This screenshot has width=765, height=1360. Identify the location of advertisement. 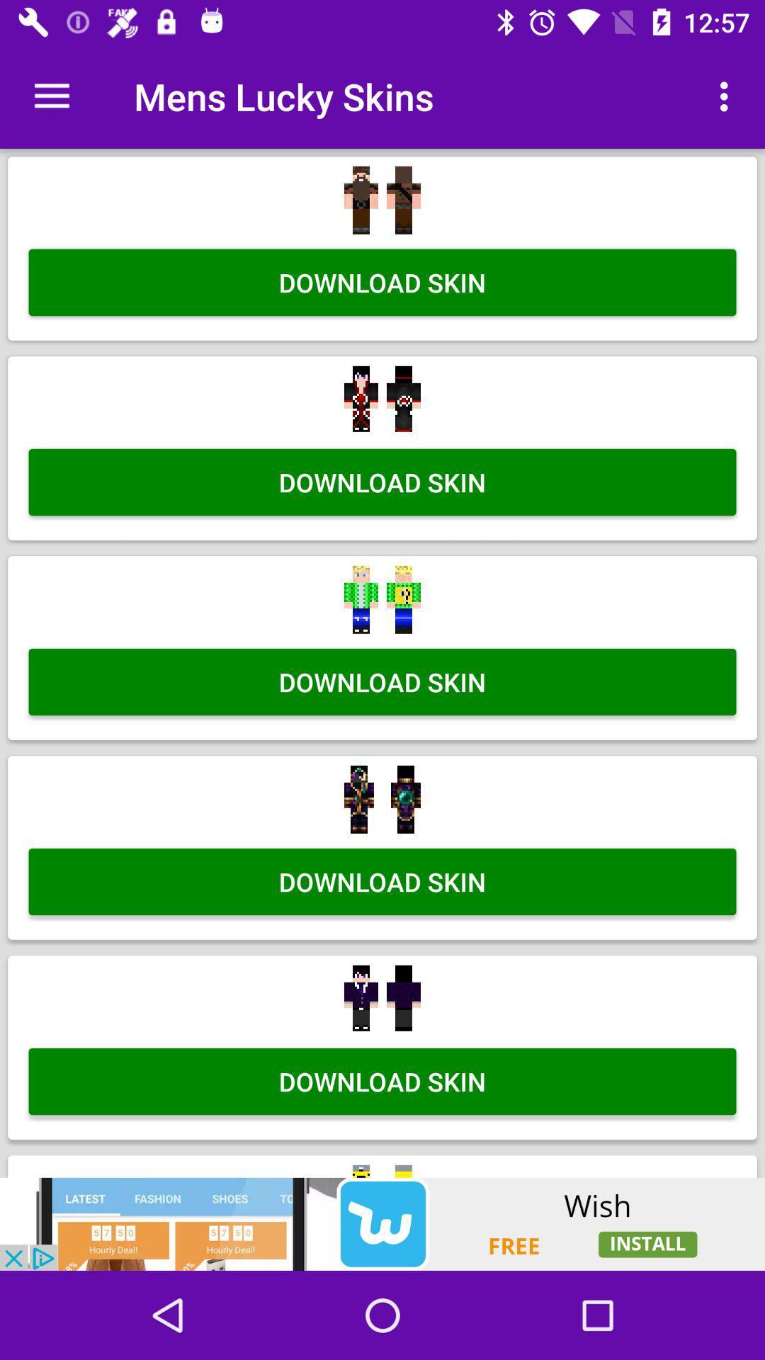
(382, 1223).